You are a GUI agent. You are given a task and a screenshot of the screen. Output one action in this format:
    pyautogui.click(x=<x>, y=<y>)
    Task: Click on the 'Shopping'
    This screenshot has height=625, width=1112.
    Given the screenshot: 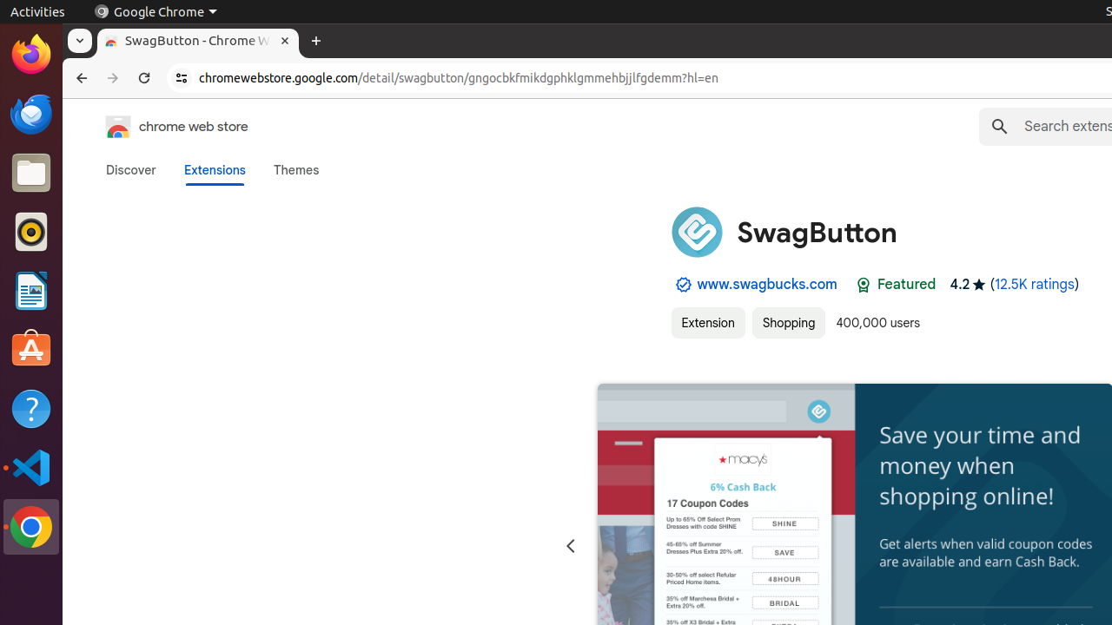 What is the action you would take?
    pyautogui.click(x=788, y=323)
    